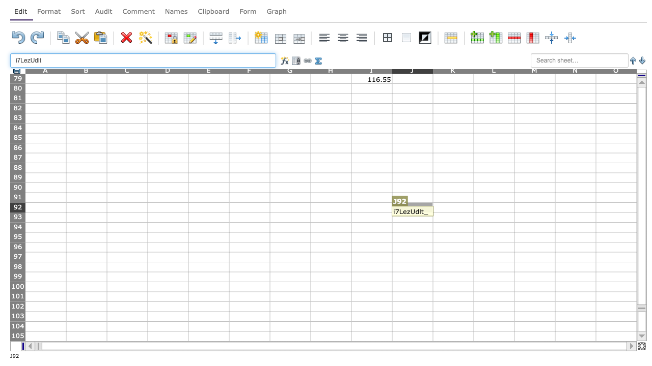 The width and height of the screenshot is (652, 366). What do you see at coordinates (452, 336) in the screenshot?
I see `K105` at bounding box center [452, 336].